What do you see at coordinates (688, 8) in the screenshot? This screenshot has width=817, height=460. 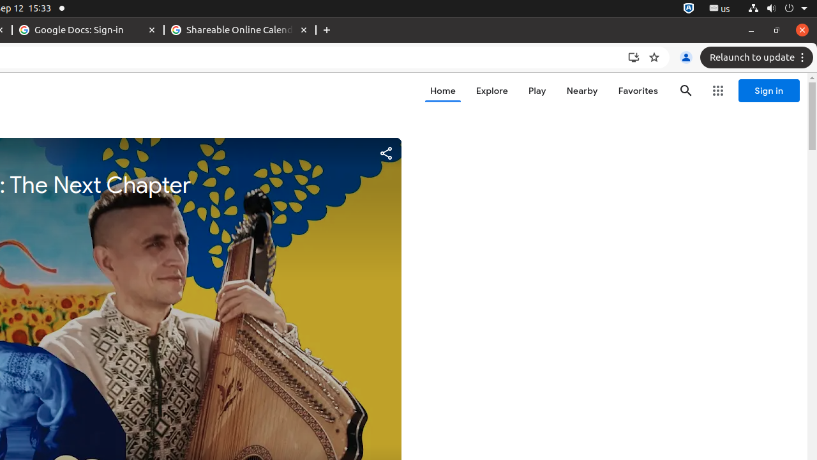 I see `':1.72/StatusNotifierItem'` at bounding box center [688, 8].